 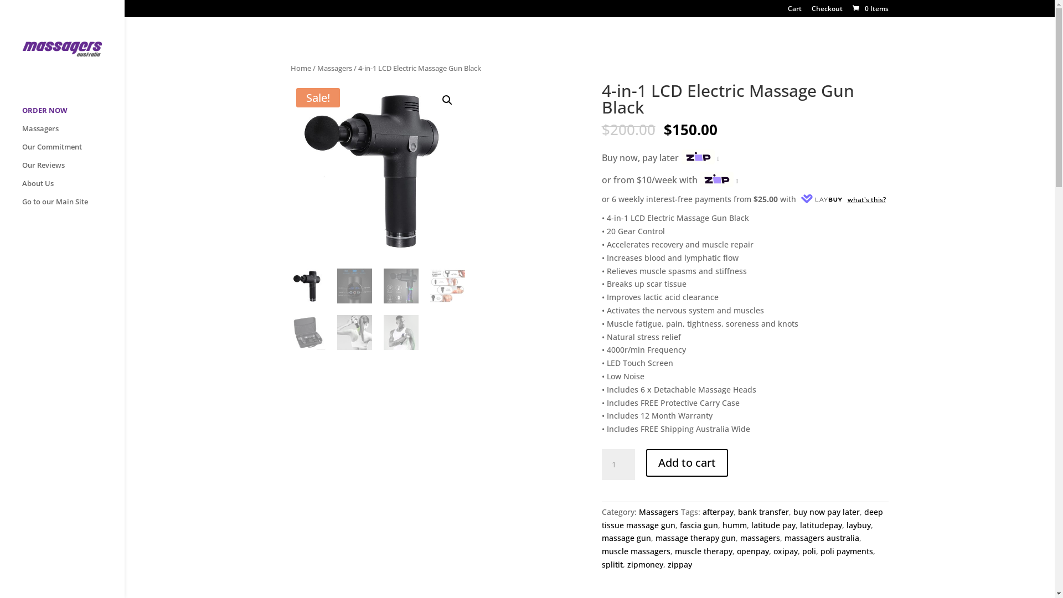 What do you see at coordinates (626, 537) in the screenshot?
I see `'massage gun'` at bounding box center [626, 537].